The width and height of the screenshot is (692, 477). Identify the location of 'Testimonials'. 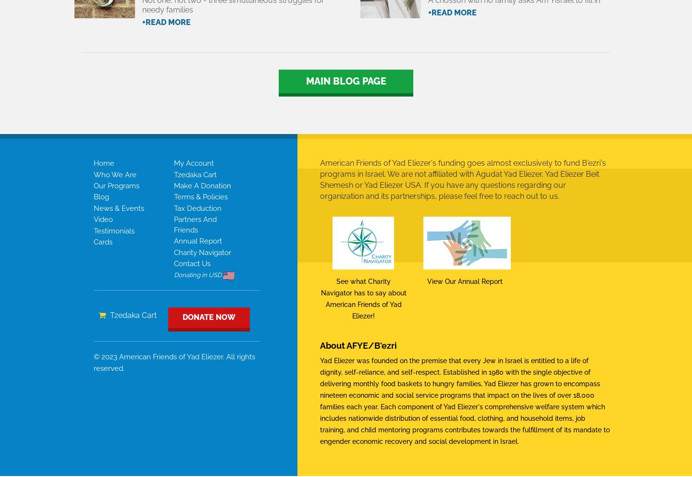
(114, 230).